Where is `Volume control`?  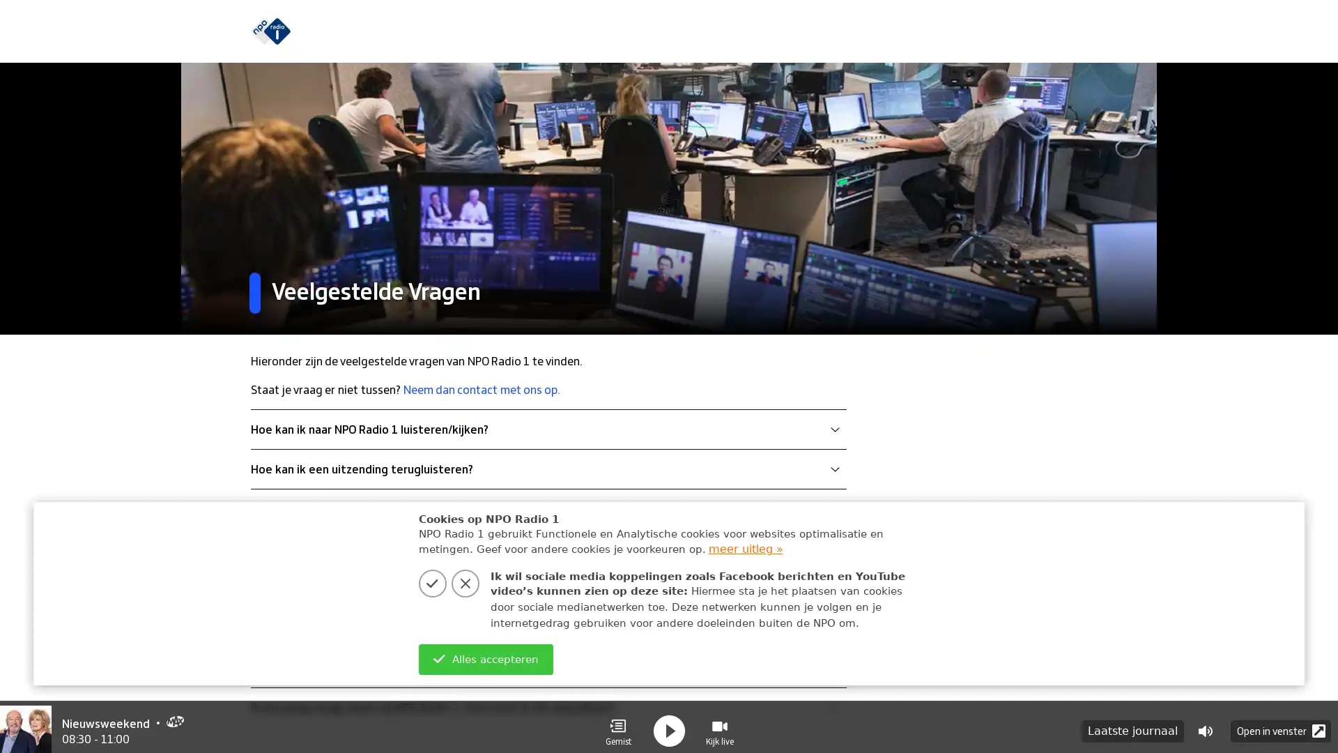
Volume control is located at coordinates (1204, 722).